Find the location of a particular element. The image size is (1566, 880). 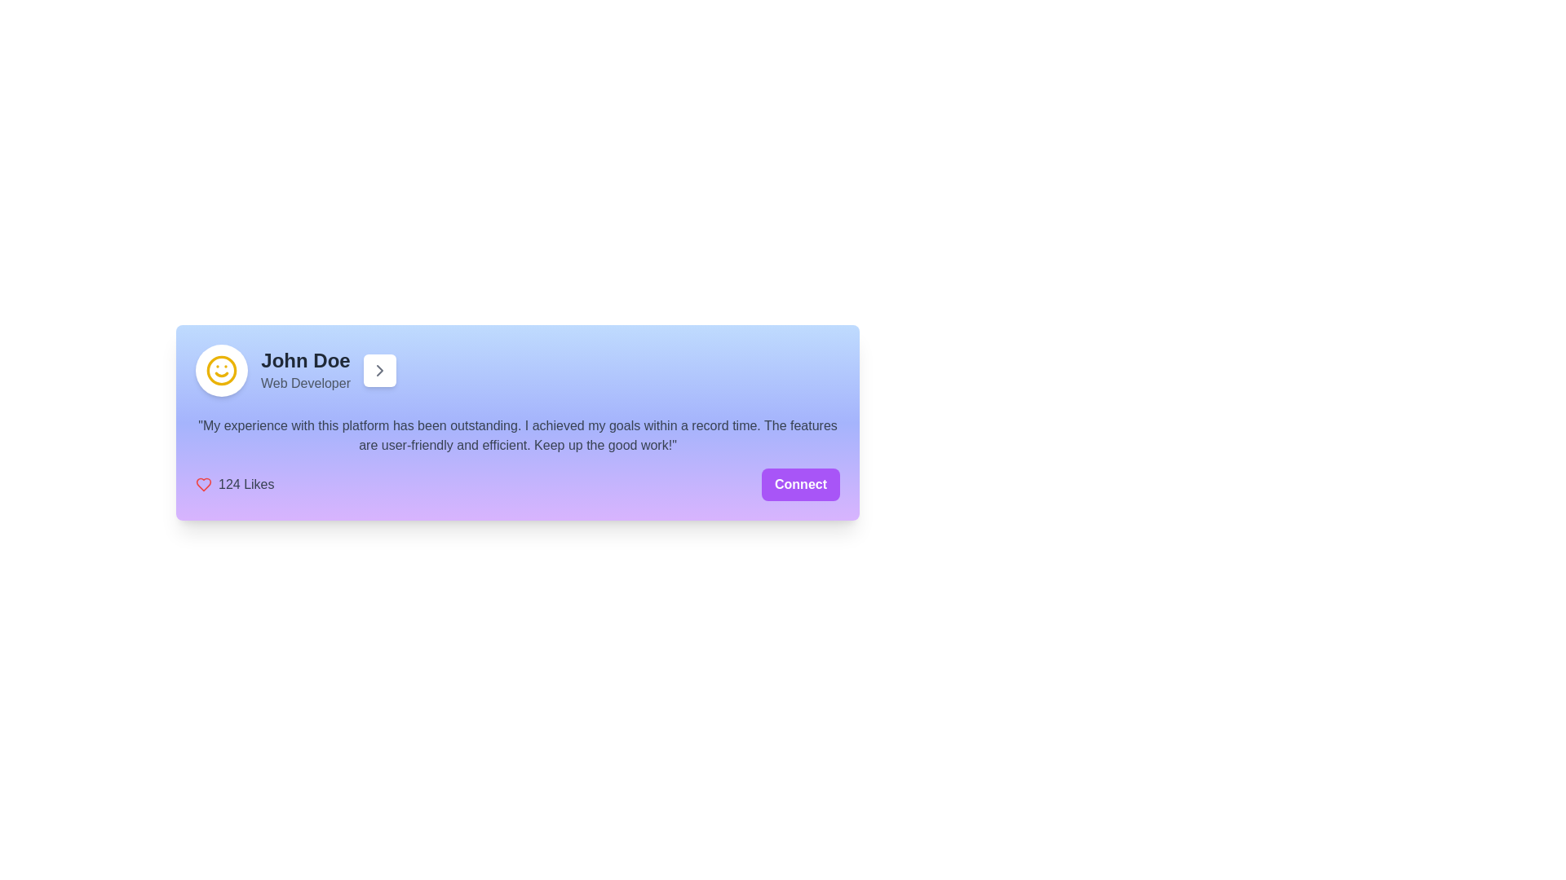

the icon representing the user's avatar or status, located to the left of the text area containing 'John Doe' and 'Web Developer' is located at coordinates (221, 371).